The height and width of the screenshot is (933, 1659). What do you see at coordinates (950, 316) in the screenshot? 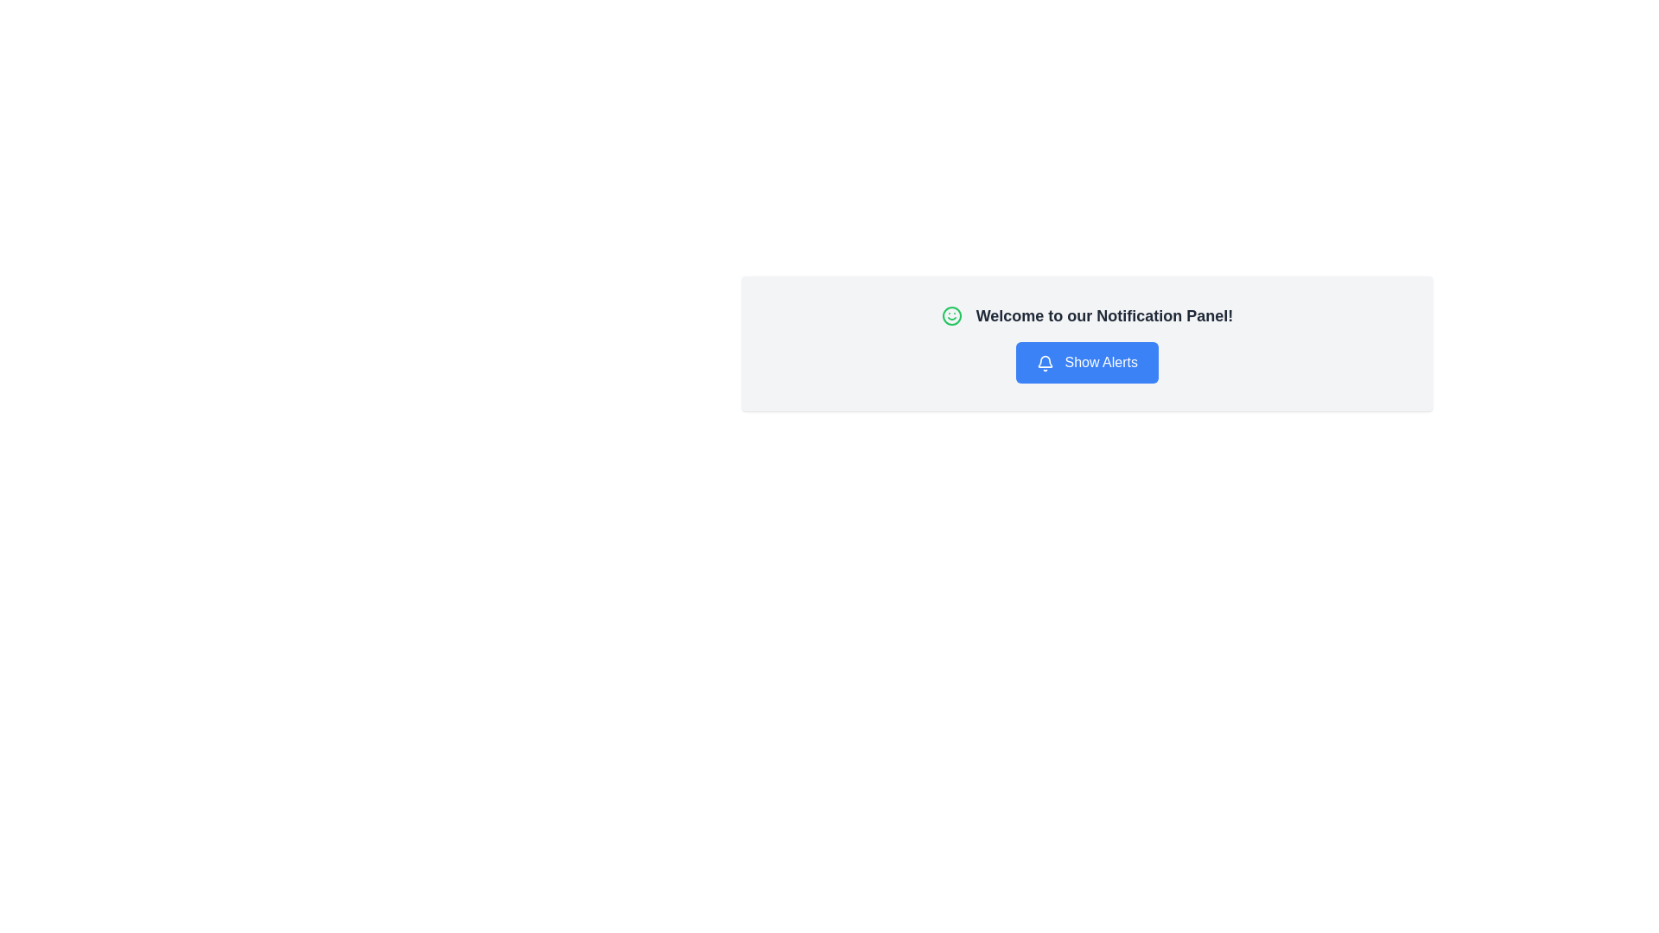
I see `the SVG circle that serves as a decorative element of the smiley icon located near the top-left of the notification panel` at bounding box center [950, 316].